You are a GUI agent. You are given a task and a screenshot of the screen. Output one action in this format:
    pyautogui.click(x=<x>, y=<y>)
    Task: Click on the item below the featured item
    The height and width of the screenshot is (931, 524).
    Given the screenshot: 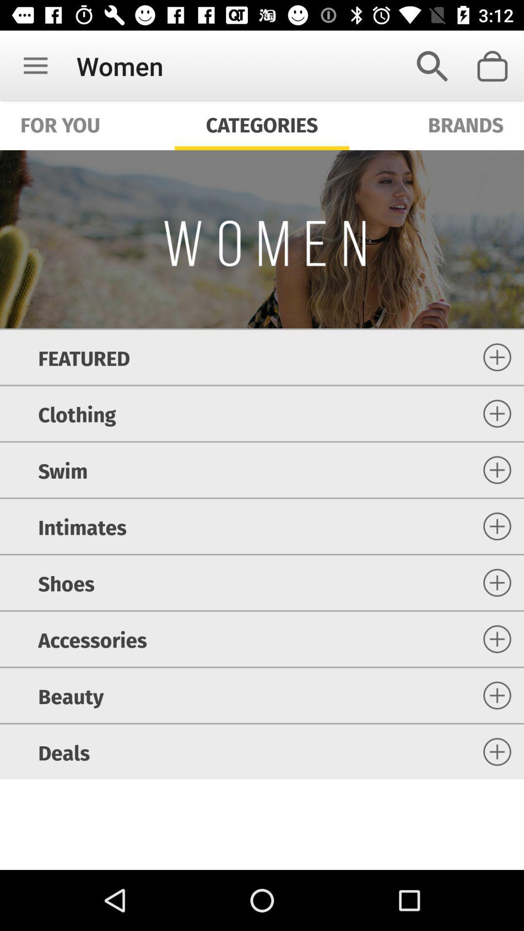 What is the action you would take?
    pyautogui.click(x=76, y=414)
    